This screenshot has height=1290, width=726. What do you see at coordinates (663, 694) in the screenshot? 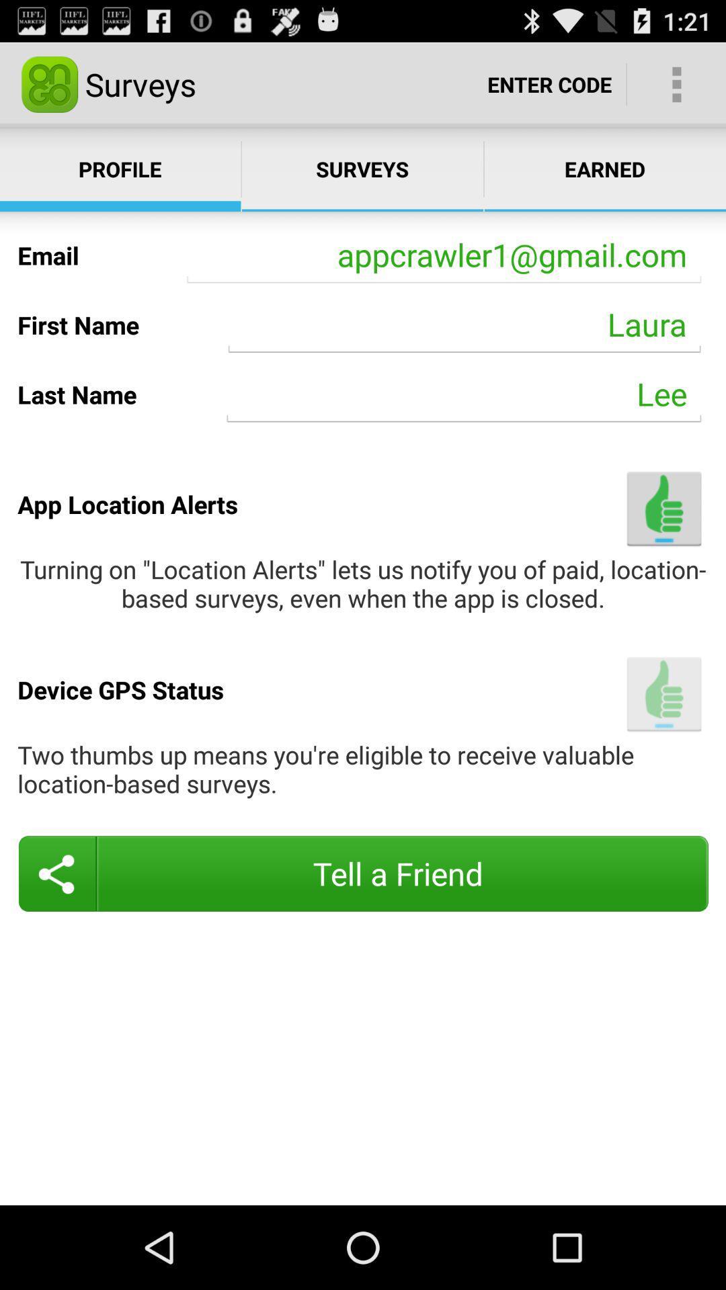
I see `the item next to the device gps status icon` at bounding box center [663, 694].